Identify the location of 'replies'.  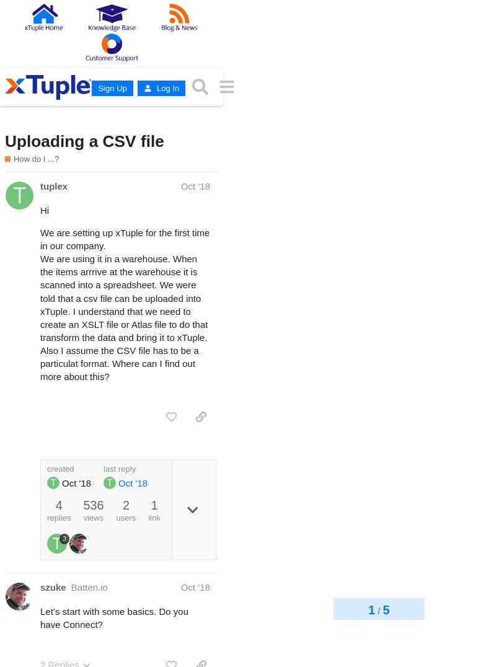
(59, 516).